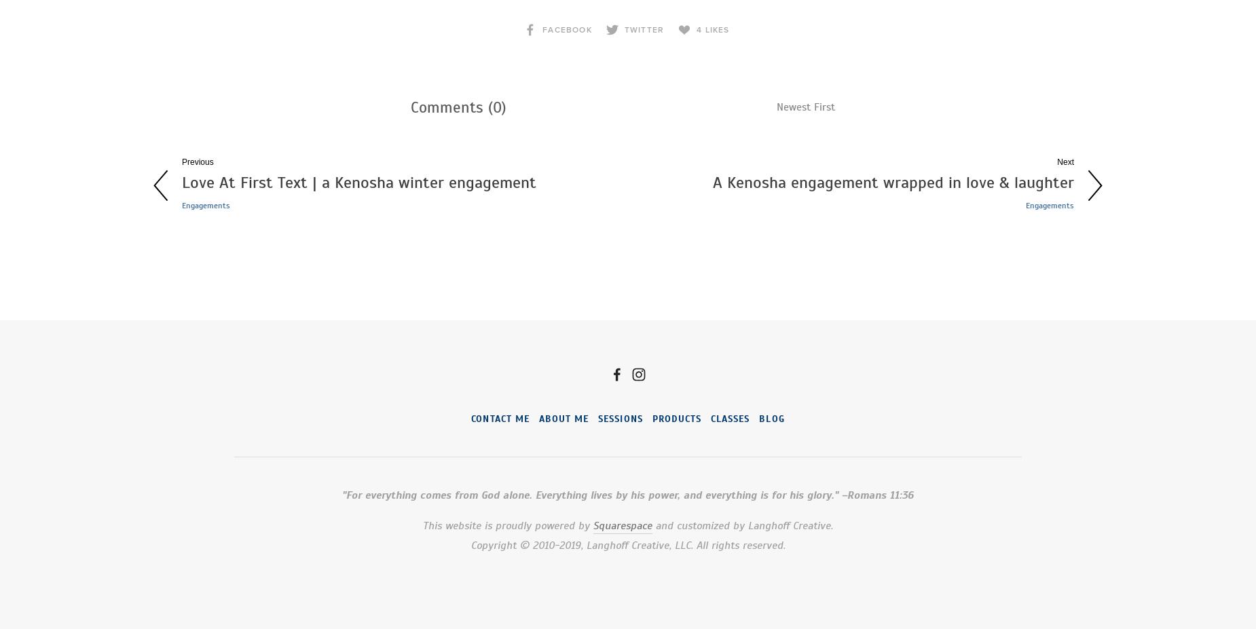  Describe the element at coordinates (567, 28) in the screenshot. I see `'Facebook'` at that location.